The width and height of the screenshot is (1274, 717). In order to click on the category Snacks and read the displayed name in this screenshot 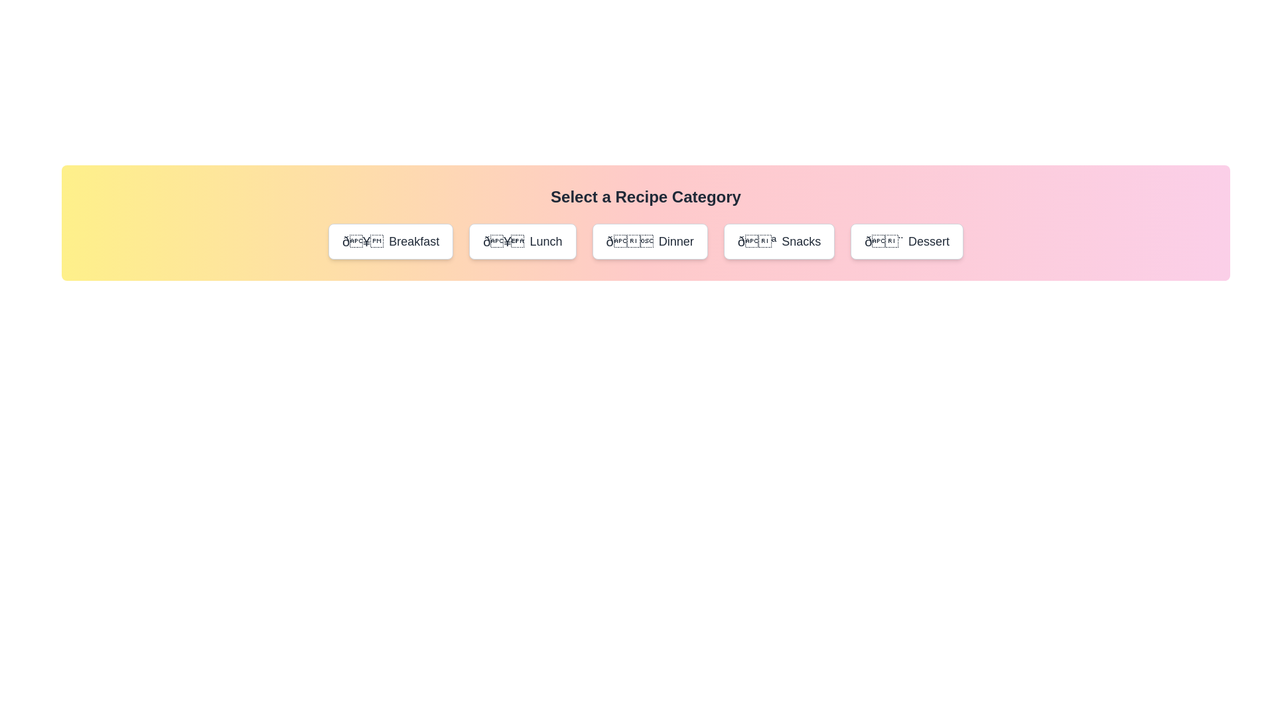, I will do `click(779, 241)`.